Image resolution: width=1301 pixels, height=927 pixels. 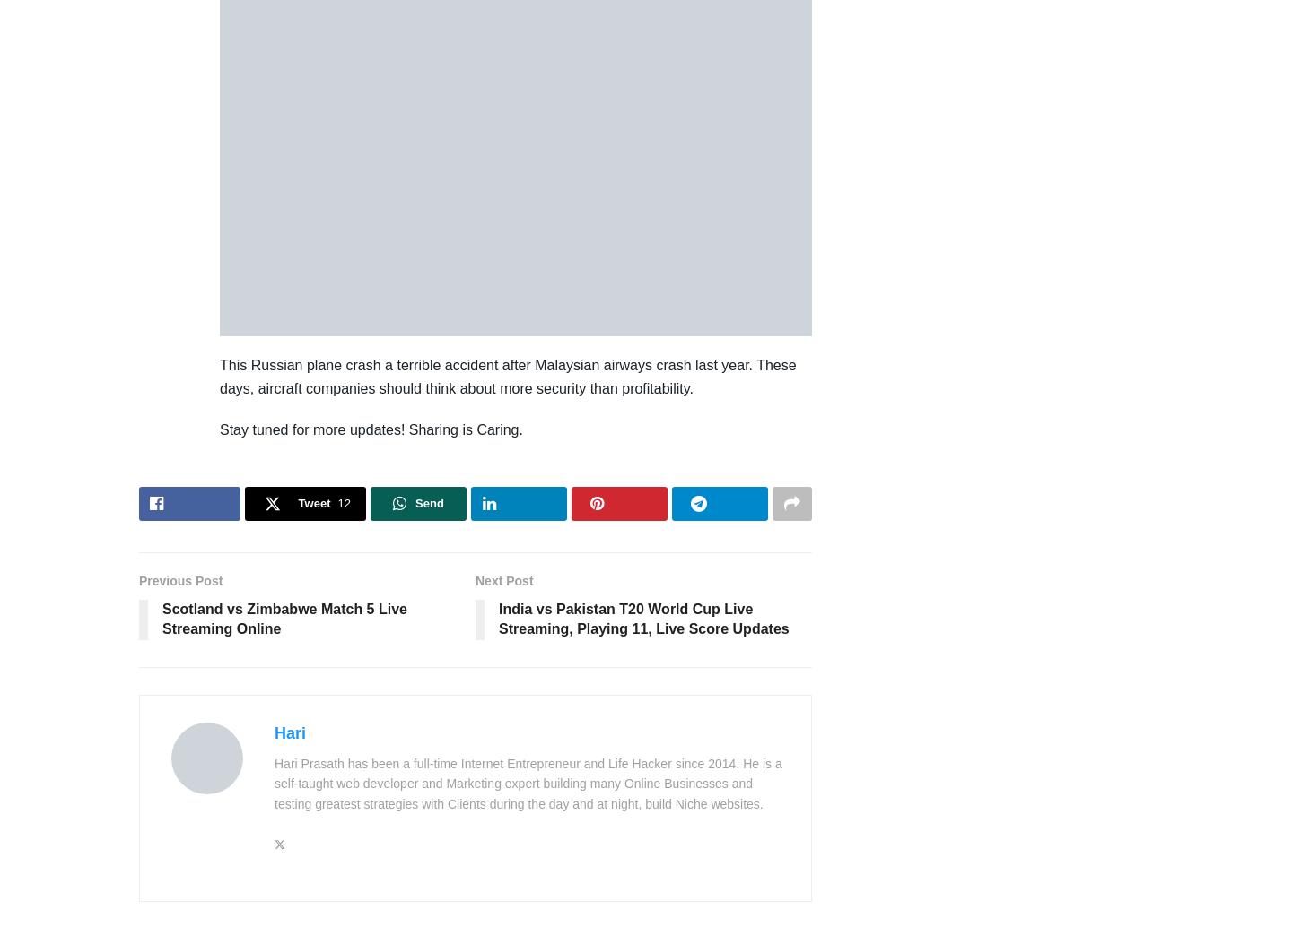 I want to click on 'Tweet', so click(x=314, y=502).